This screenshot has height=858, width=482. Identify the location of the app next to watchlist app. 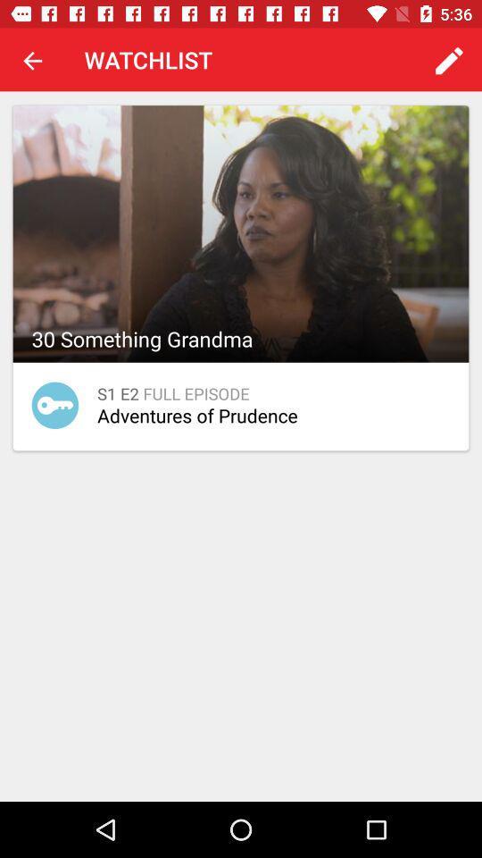
(448, 60).